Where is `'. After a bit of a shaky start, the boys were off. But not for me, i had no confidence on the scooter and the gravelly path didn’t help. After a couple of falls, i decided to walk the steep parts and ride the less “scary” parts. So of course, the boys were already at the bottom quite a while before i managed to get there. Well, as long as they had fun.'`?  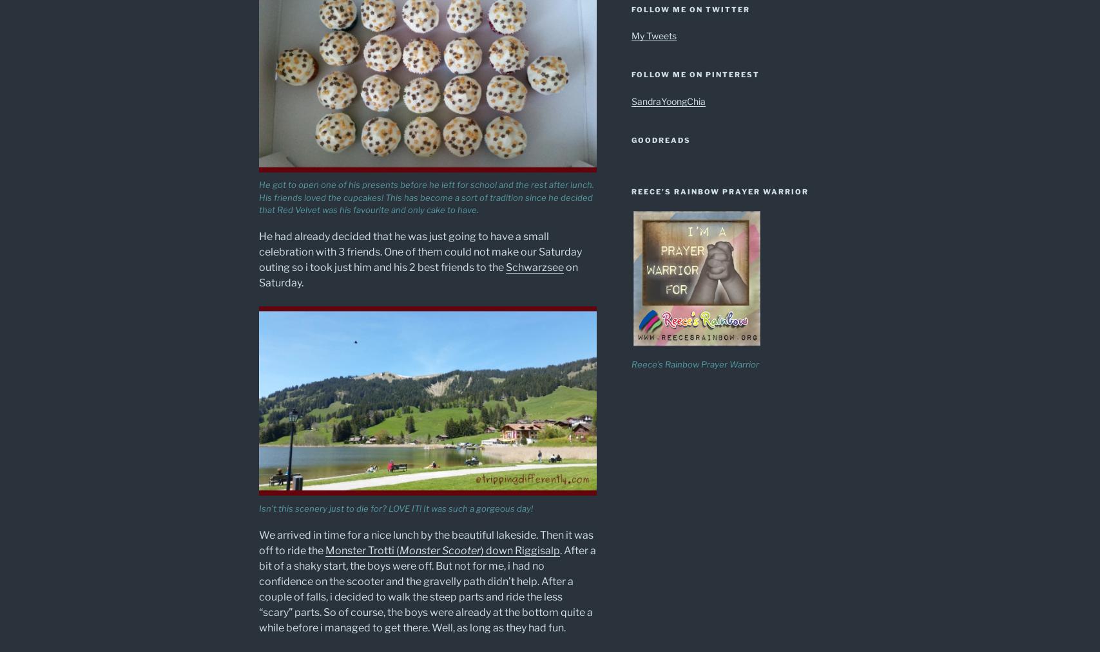
'. After a bit of a shaky start, the boys were off. But not for me, i had no confidence on the scooter and the gravelly path didn’t help. After a couple of falls, i decided to walk the steep parts and ride the less “scary” parts. So of course, the boys were already at the bottom quite a while before i managed to get there. Well, as long as they had fun.' is located at coordinates (258, 588).